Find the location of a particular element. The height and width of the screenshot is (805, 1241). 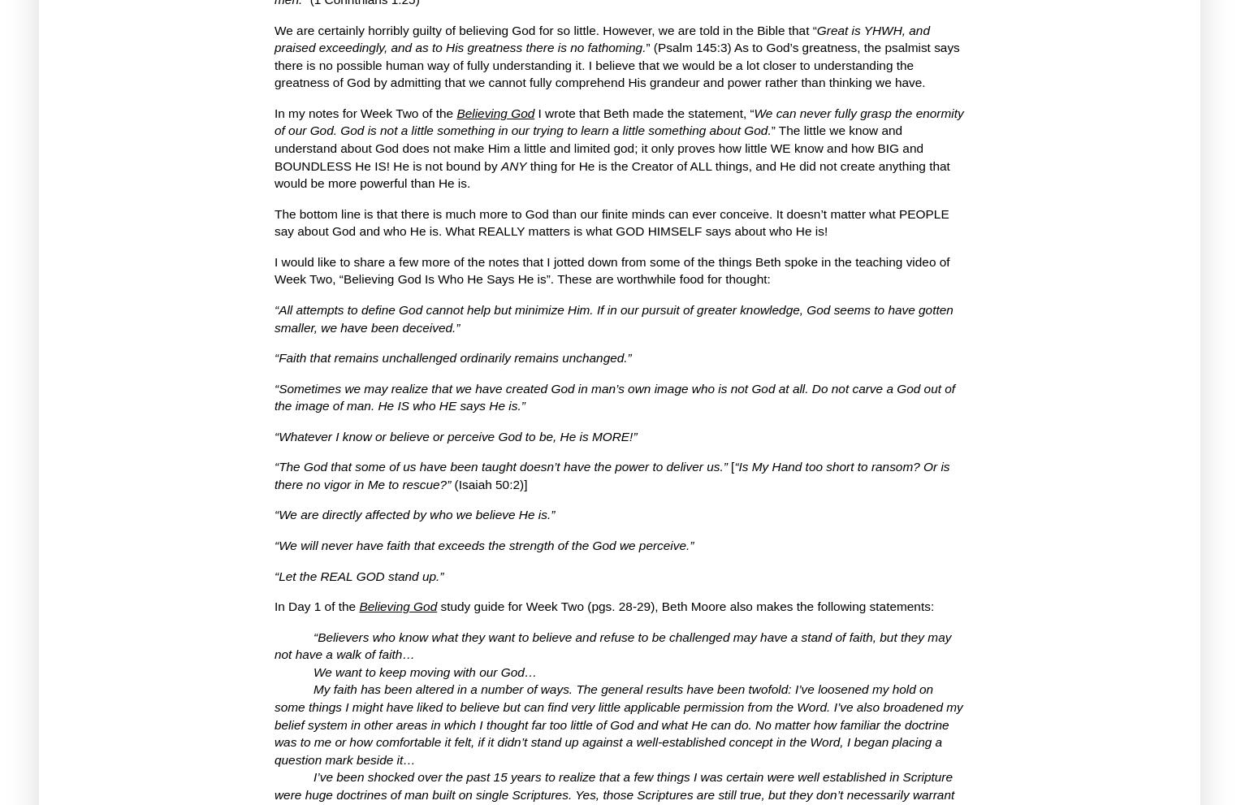

'“Is My Hand too short to ransom?' is located at coordinates (825, 465).